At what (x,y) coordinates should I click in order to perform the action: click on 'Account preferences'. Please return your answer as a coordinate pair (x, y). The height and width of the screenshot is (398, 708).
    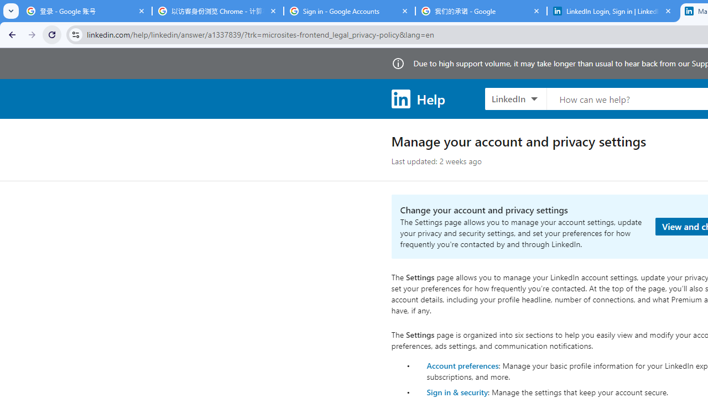
    Looking at the image, I should click on (462, 365).